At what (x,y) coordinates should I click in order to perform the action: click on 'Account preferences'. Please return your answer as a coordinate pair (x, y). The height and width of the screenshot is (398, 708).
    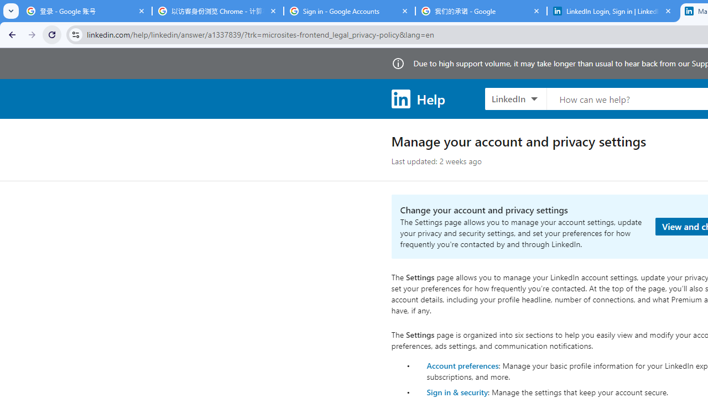
    Looking at the image, I should click on (462, 365).